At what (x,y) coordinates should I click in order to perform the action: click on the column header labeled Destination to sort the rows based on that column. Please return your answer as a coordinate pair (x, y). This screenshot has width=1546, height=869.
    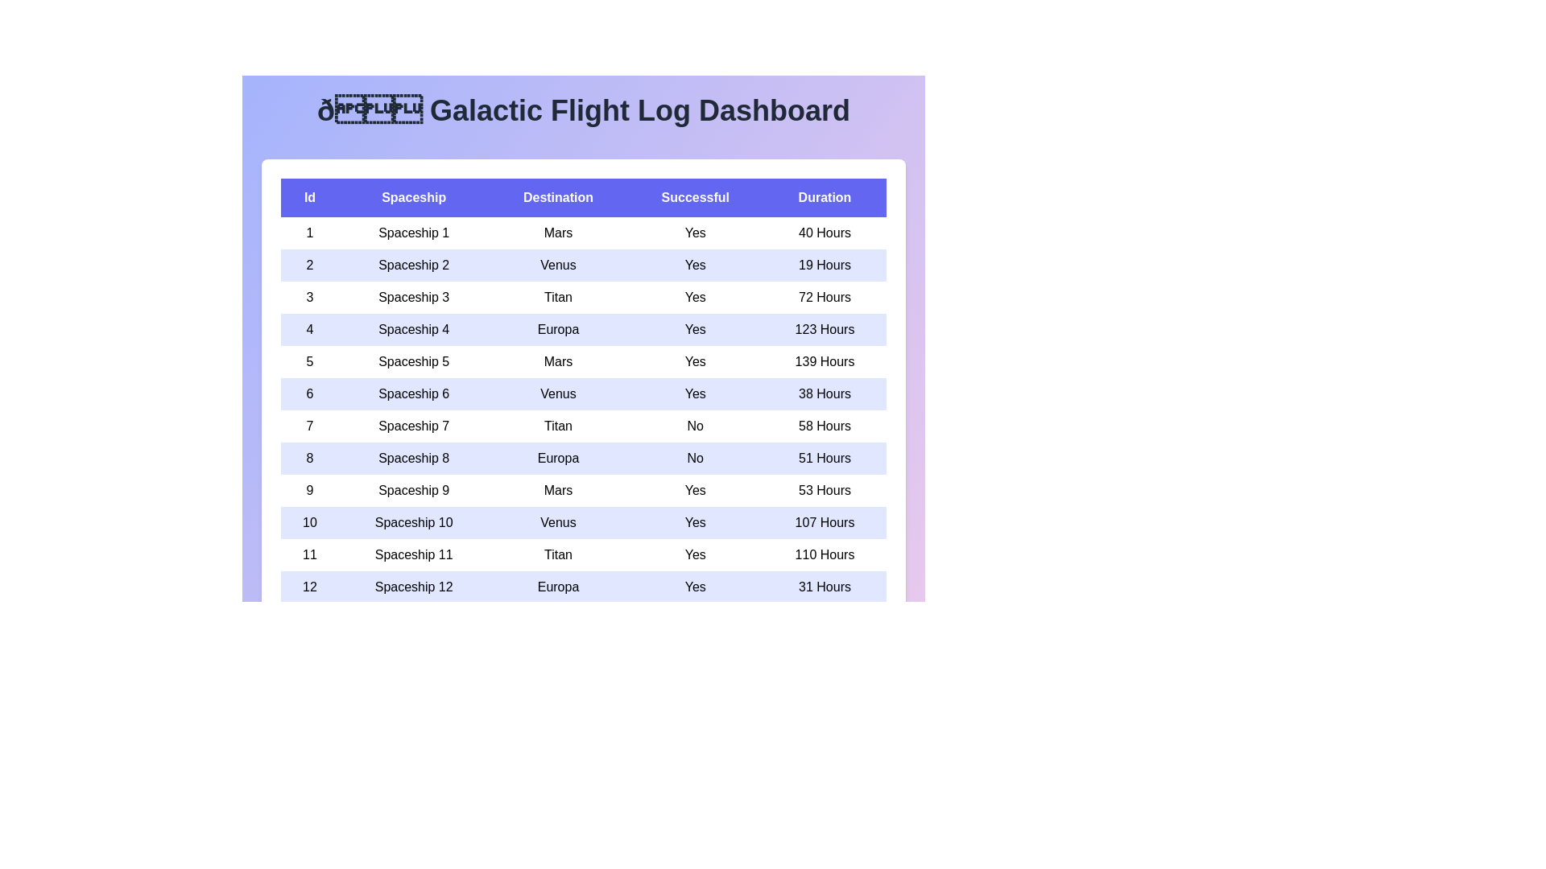
    Looking at the image, I should click on (558, 197).